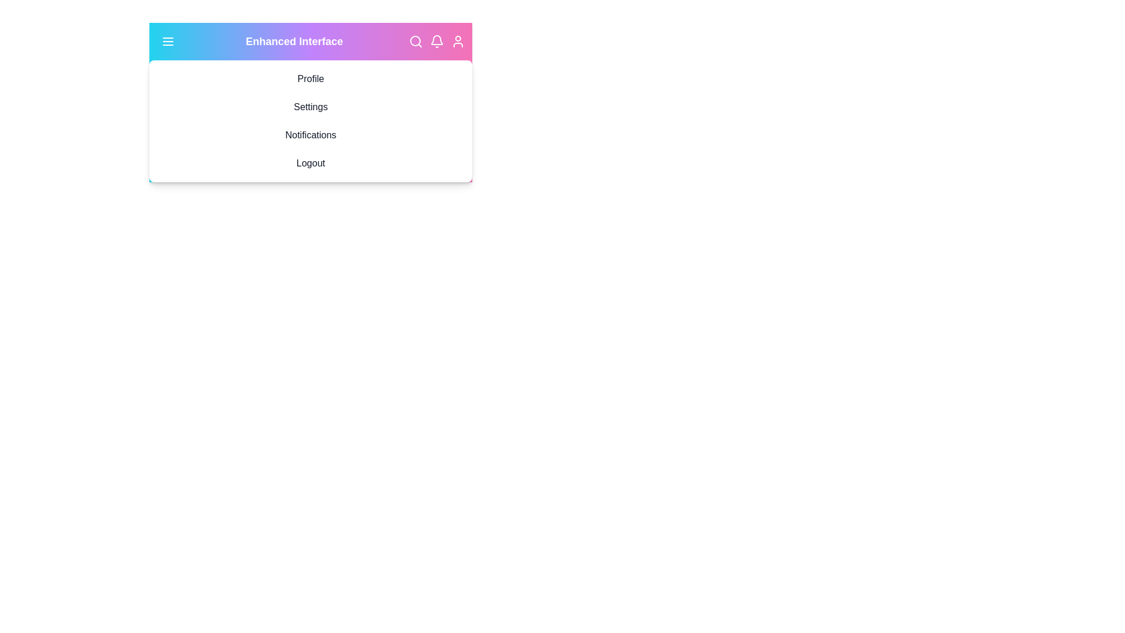  I want to click on the header text labeled 'Enhanced Interface' to focus the element, so click(294, 40).